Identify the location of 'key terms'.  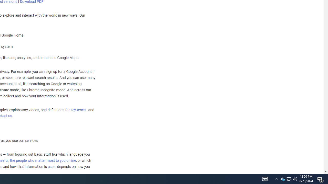
(78, 110).